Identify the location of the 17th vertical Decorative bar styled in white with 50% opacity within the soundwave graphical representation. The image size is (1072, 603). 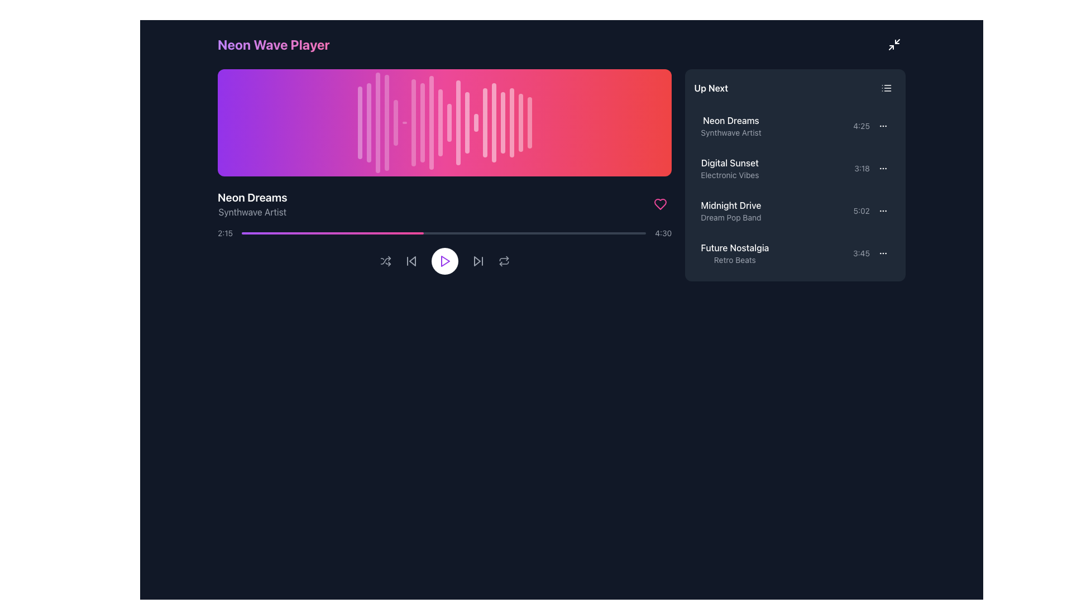
(502, 122).